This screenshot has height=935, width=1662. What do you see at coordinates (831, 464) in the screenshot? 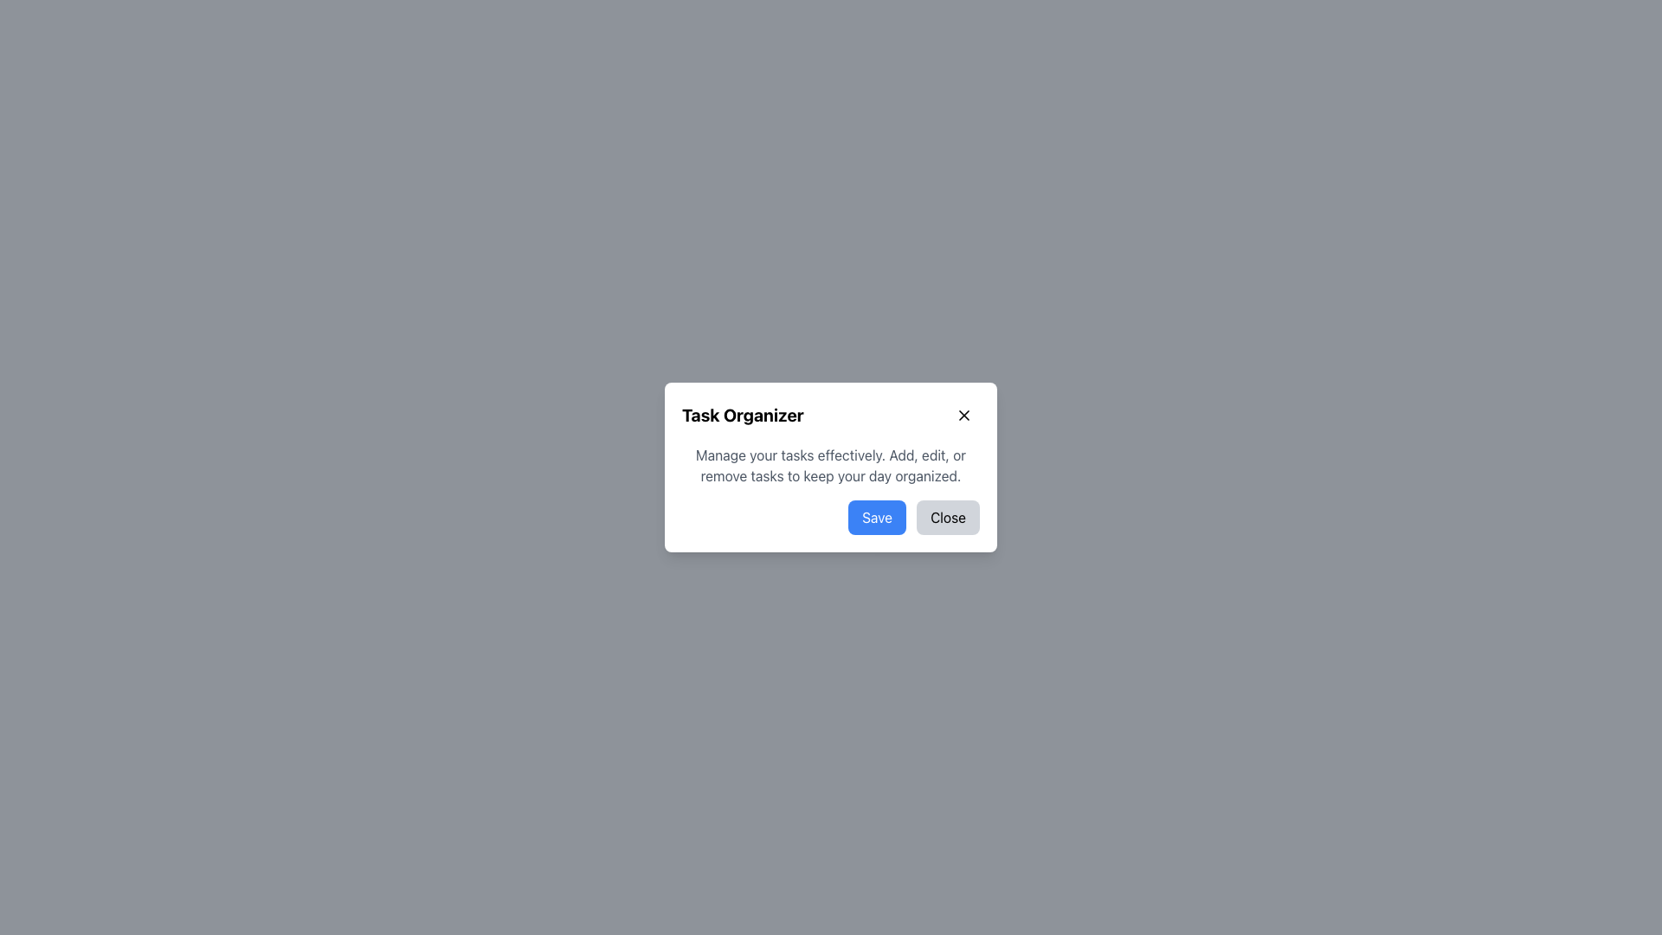
I see `the paragraph displaying the text 'Manage your tasks effectively. Add, edit, or remove tasks to keep your day organized.' which is located below the header 'Task Organizer'` at bounding box center [831, 464].